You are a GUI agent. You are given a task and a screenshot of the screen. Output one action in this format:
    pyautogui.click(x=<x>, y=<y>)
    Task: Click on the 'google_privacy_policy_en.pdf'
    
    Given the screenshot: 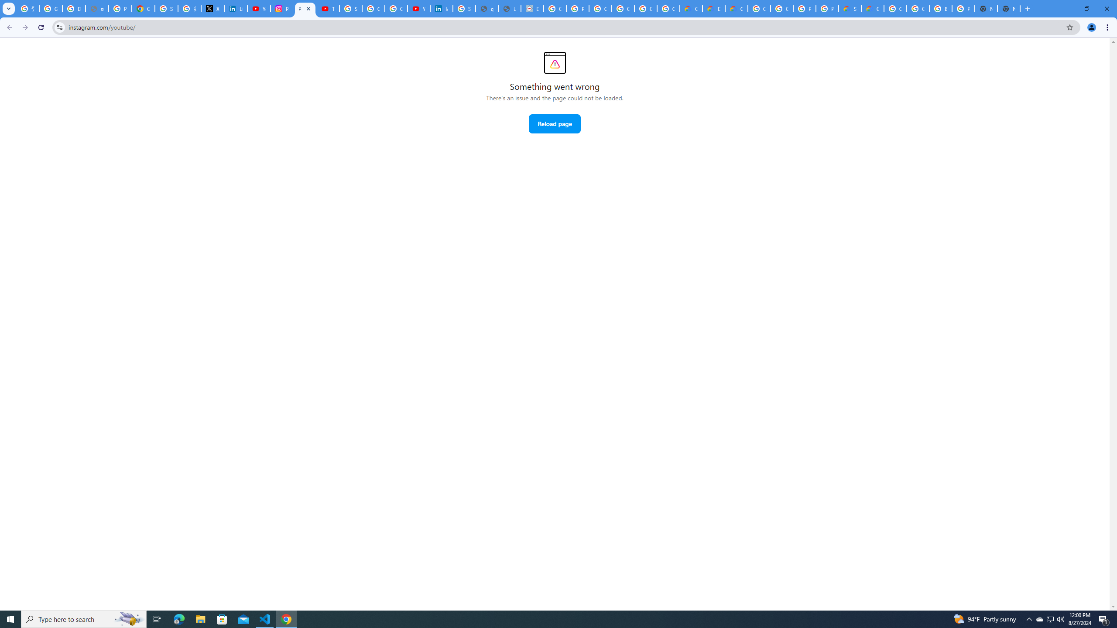 What is the action you would take?
    pyautogui.click(x=487, y=8)
    